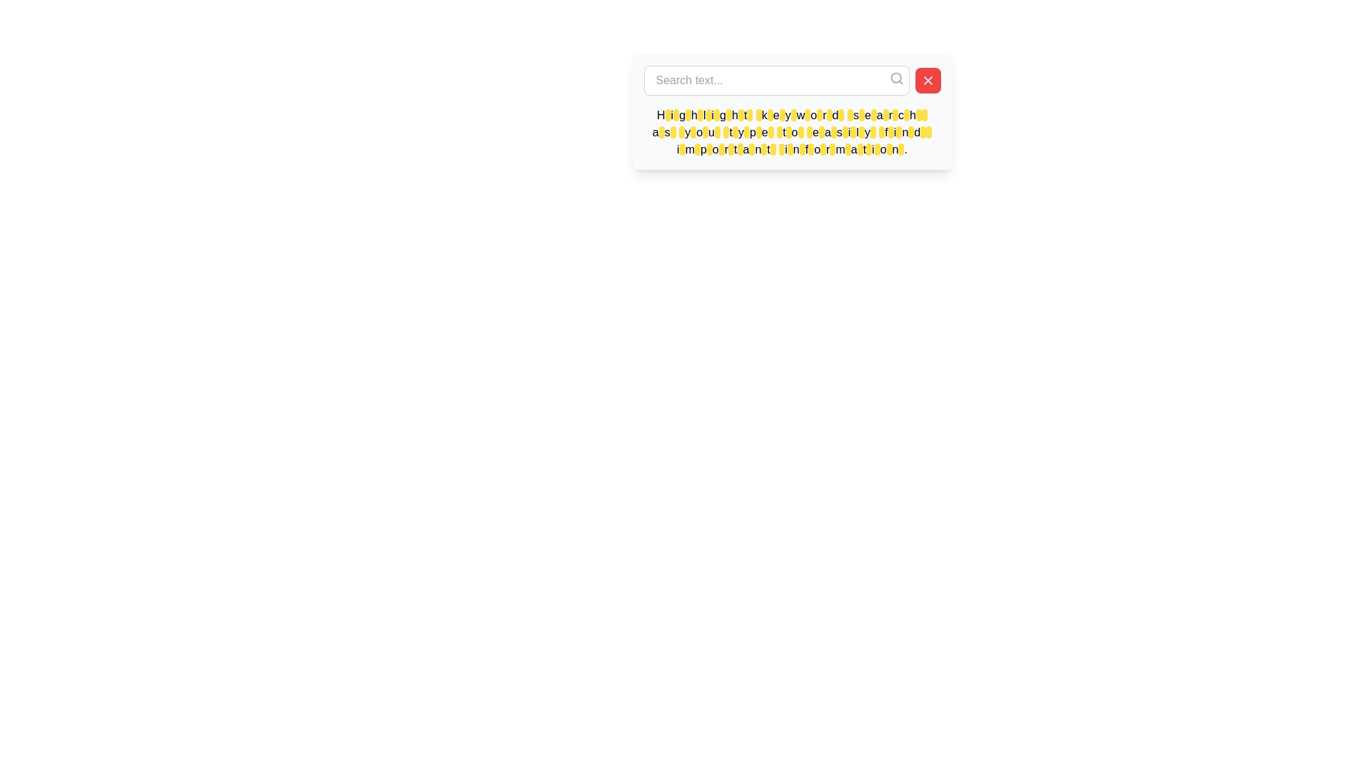 The image size is (1371, 771). What do you see at coordinates (808, 114) in the screenshot?
I see `the 14th Text highlight badge element, which serves as a visual highlighter for specific keywords in the explanatory text` at bounding box center [808, 114].